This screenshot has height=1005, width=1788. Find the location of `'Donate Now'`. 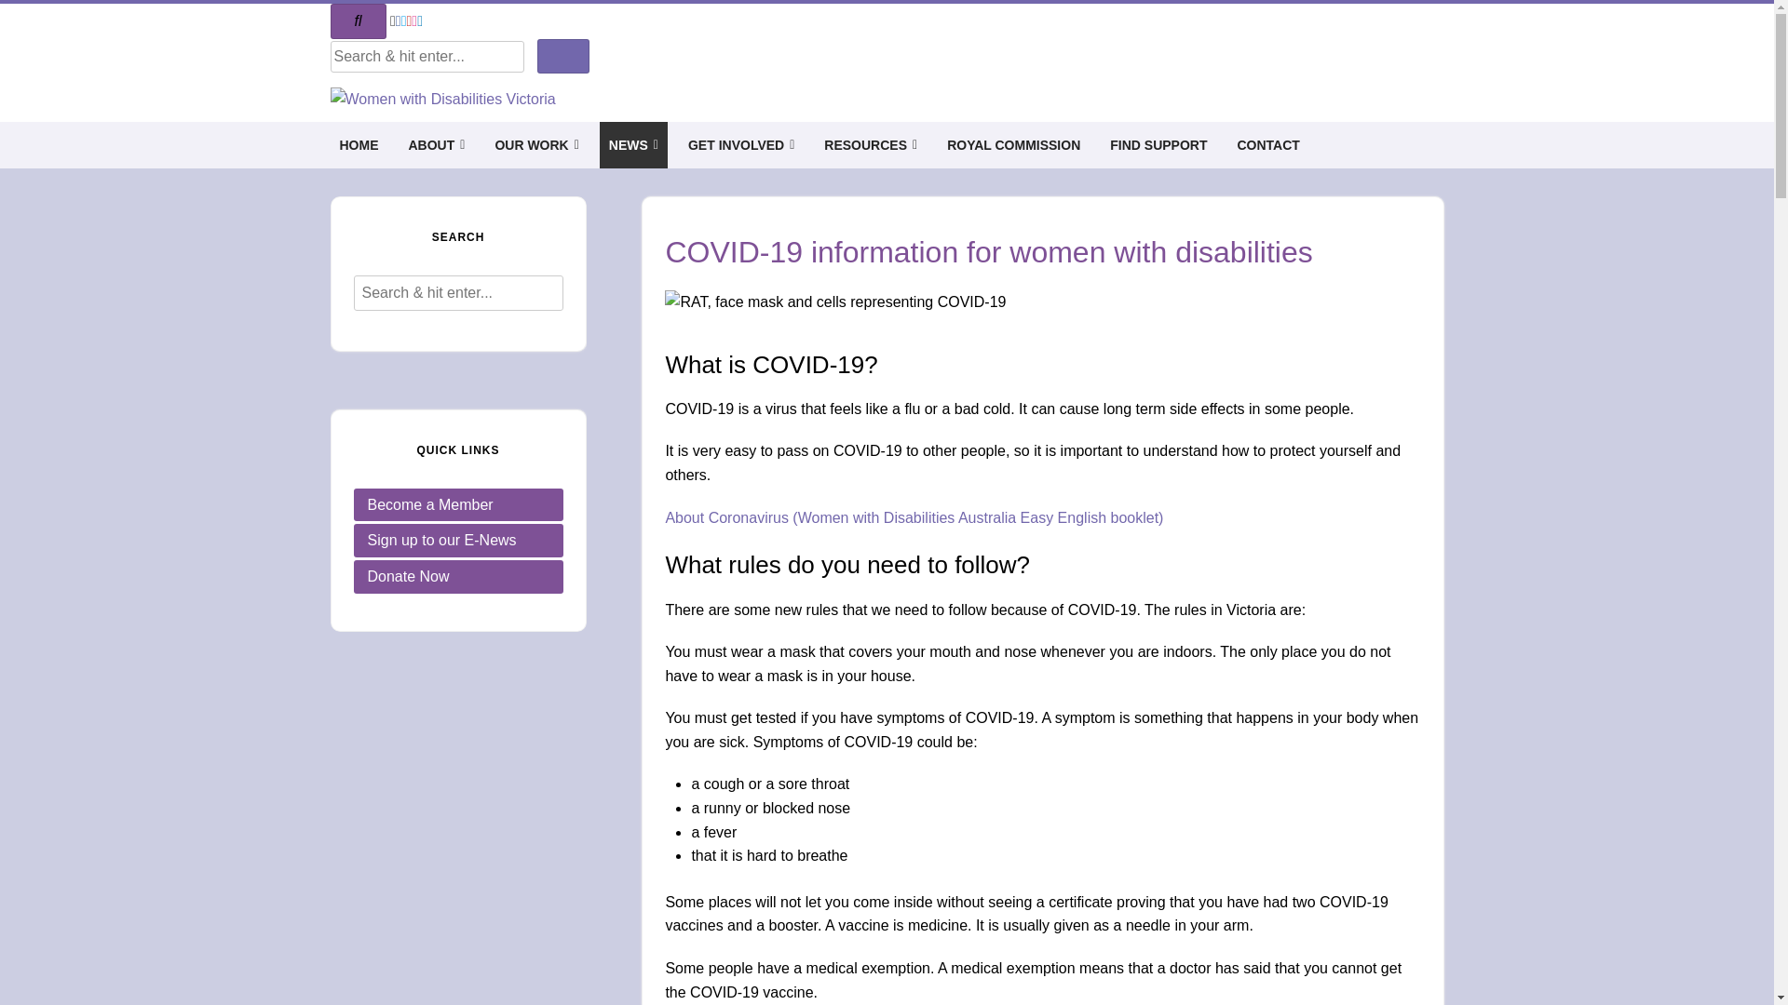

'Donate Now' is located at coordinates (458, 576).